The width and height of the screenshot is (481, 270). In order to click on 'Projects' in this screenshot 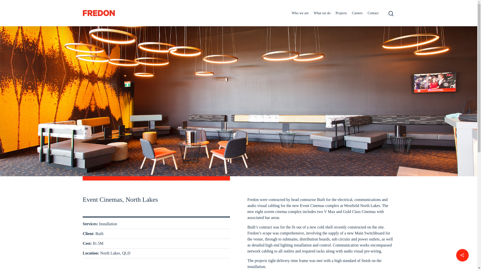, I will do `click(341, 12)`.